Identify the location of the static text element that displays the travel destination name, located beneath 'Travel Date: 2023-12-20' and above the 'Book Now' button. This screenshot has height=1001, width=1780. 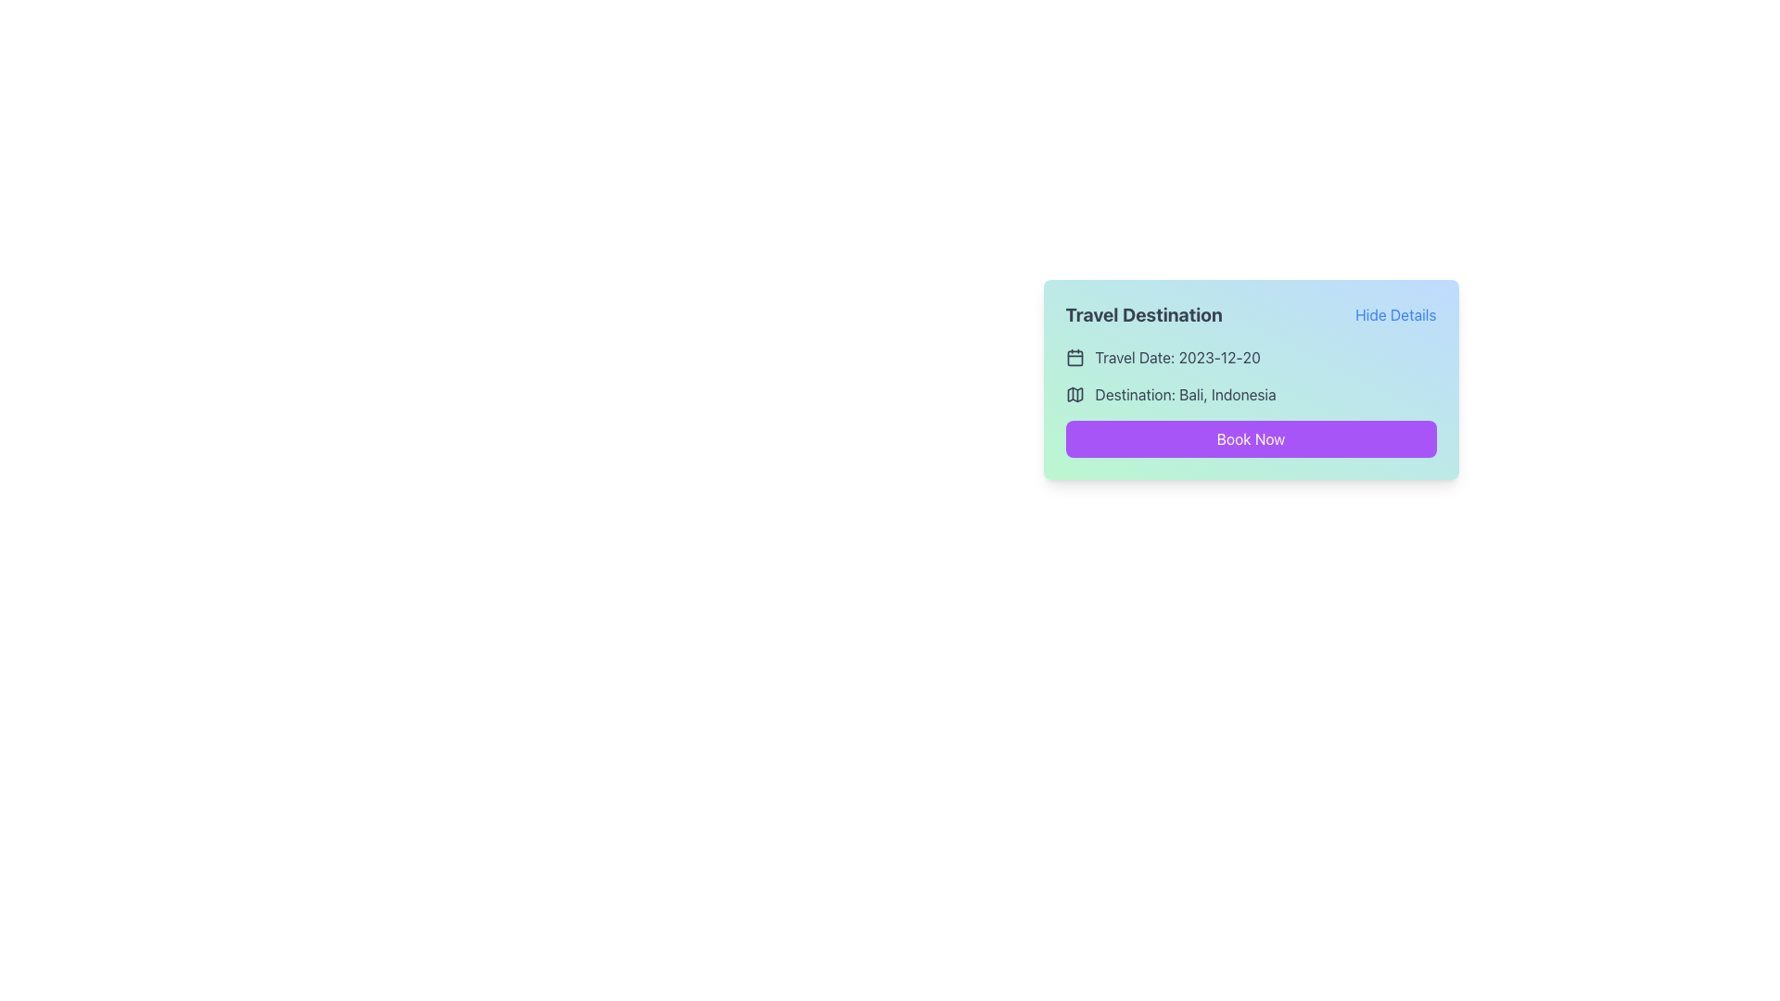
(1185, 393).